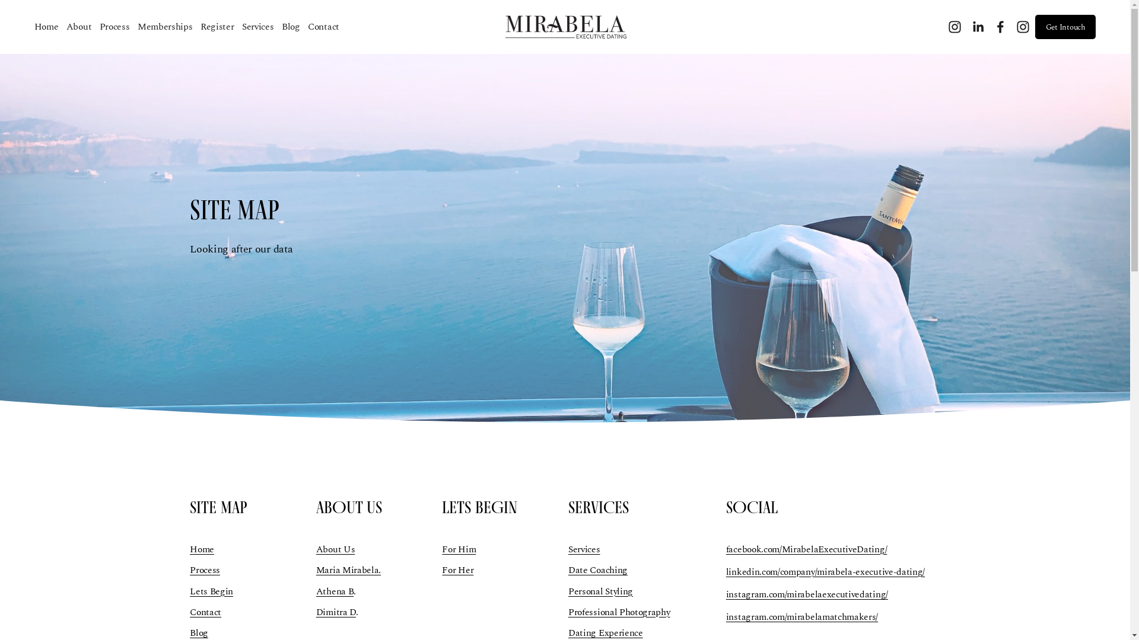  What do you see at coordinates (335, 591) in the screenshot?
I see `'Athena B'` at bounding box center [335, 591].